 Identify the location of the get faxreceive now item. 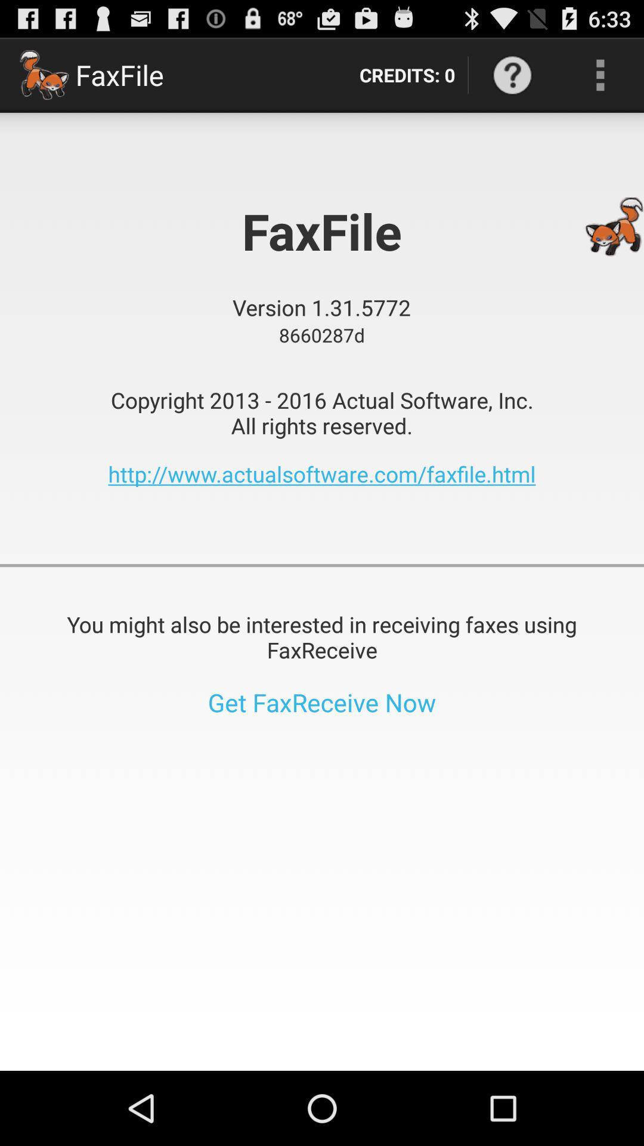
(322, 702).